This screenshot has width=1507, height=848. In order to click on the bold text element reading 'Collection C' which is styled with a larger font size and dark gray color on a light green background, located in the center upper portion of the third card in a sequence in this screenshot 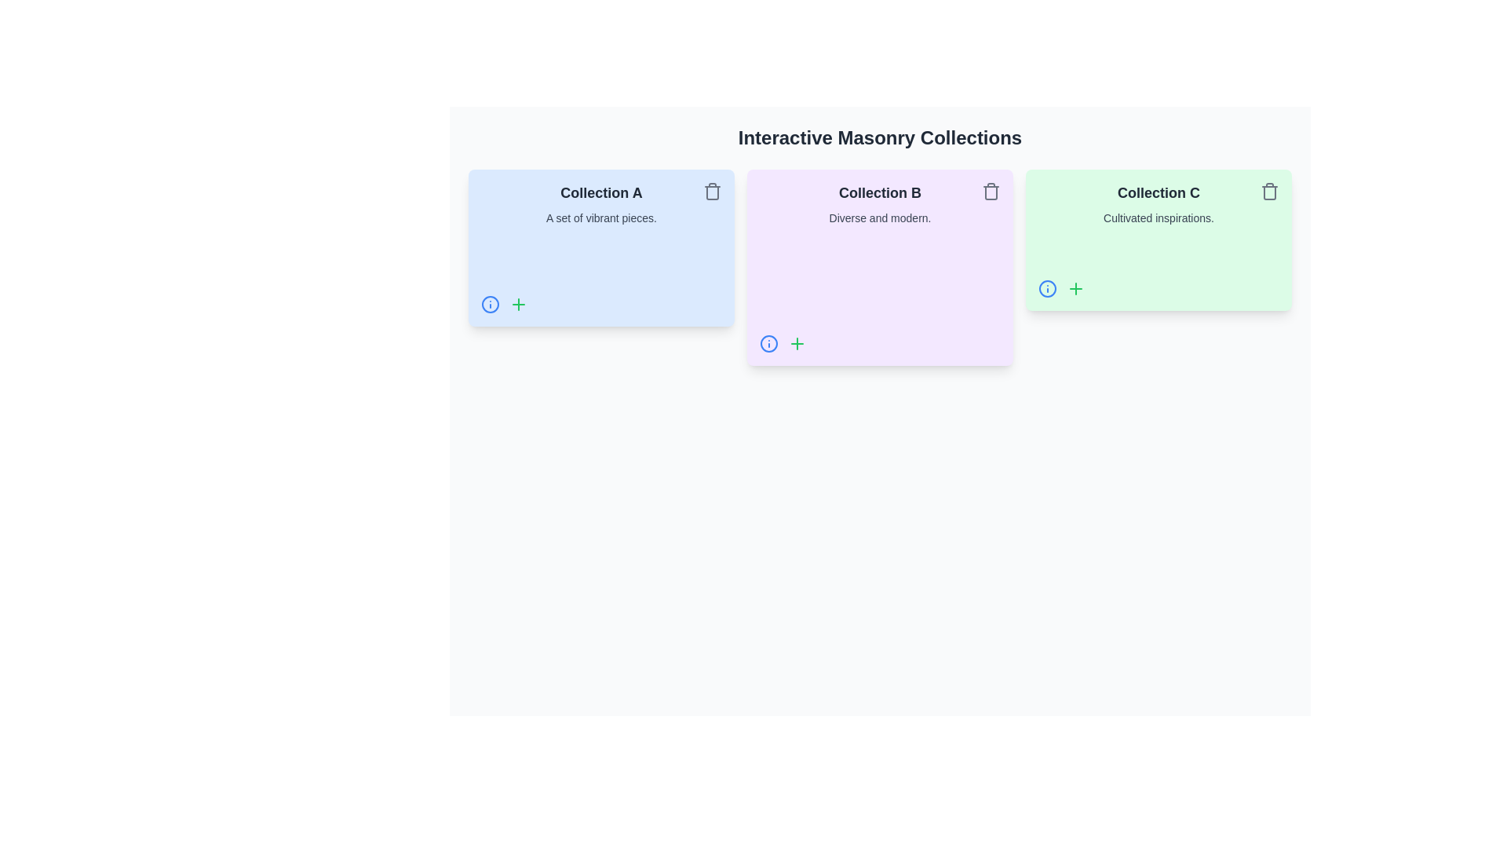, I will do `click(1159, 192)`.